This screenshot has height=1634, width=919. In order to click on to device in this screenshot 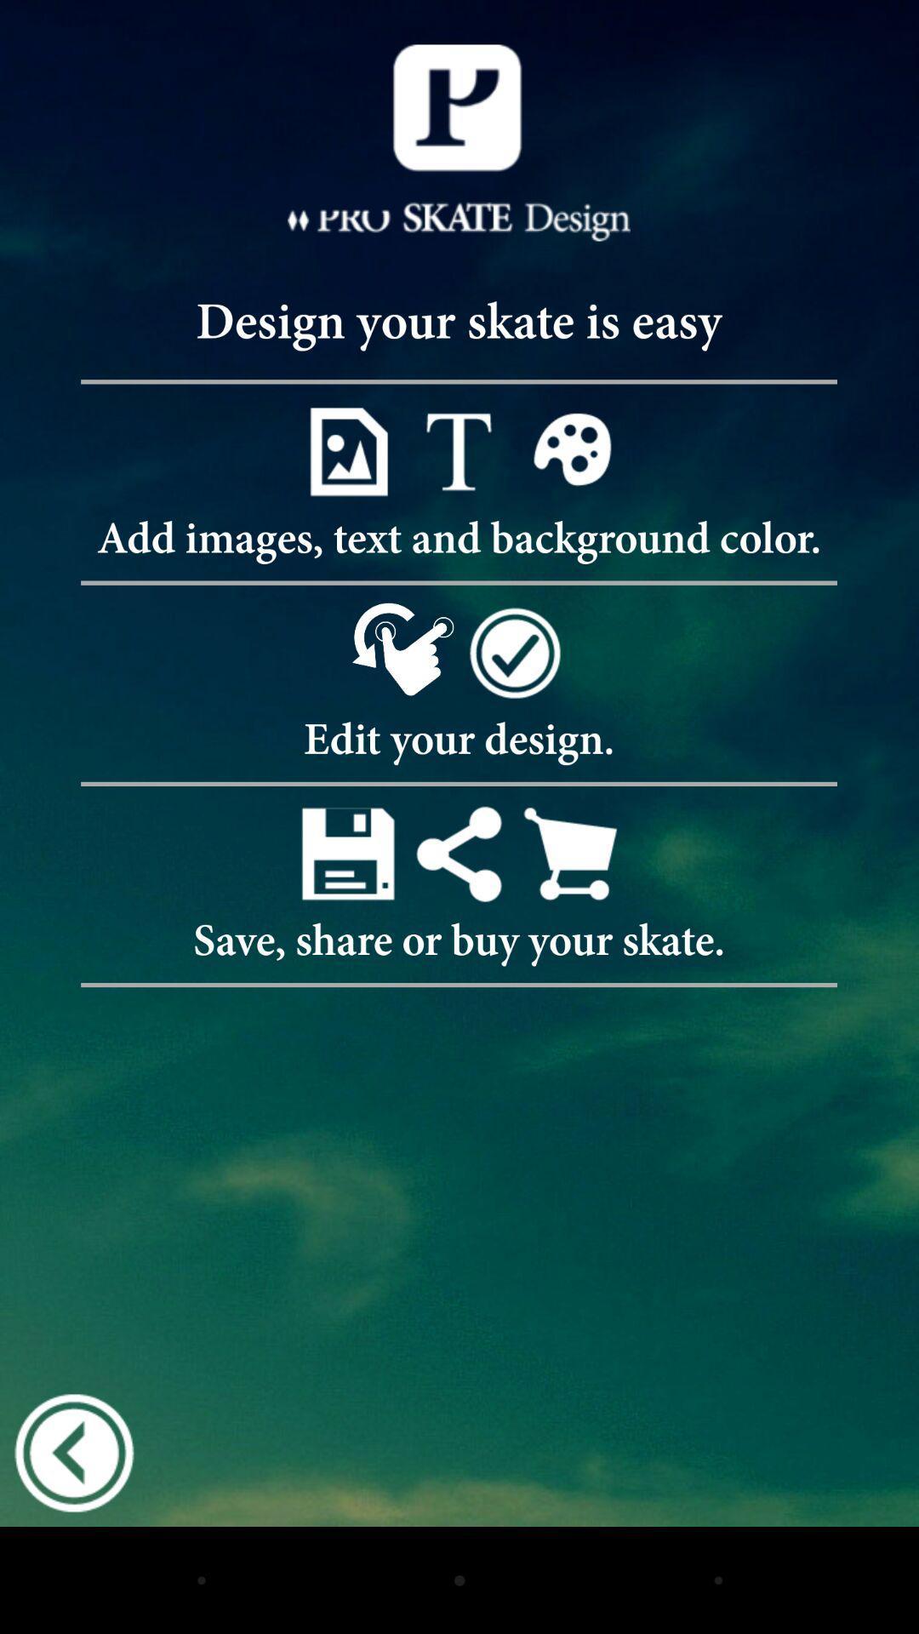, I will do `click(346, 854)`.